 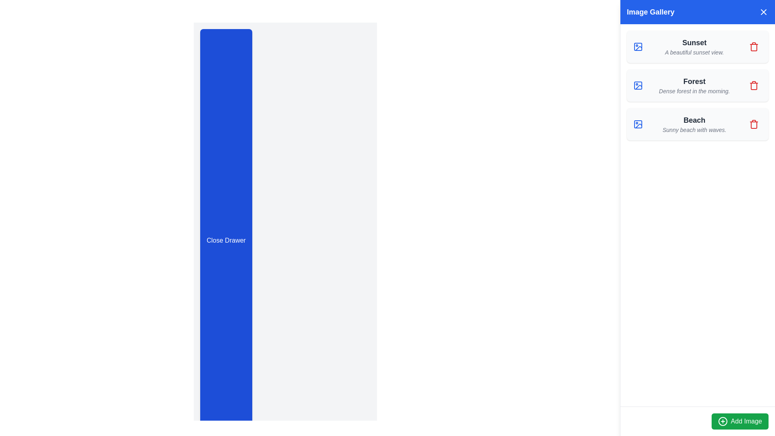 What do you see at coordinates (651, 12) in the screenshot?
I see `the static text label that identifies the section as 'Image Gallery', located in the header bar with a blue background` at bounding box center [651, 12].